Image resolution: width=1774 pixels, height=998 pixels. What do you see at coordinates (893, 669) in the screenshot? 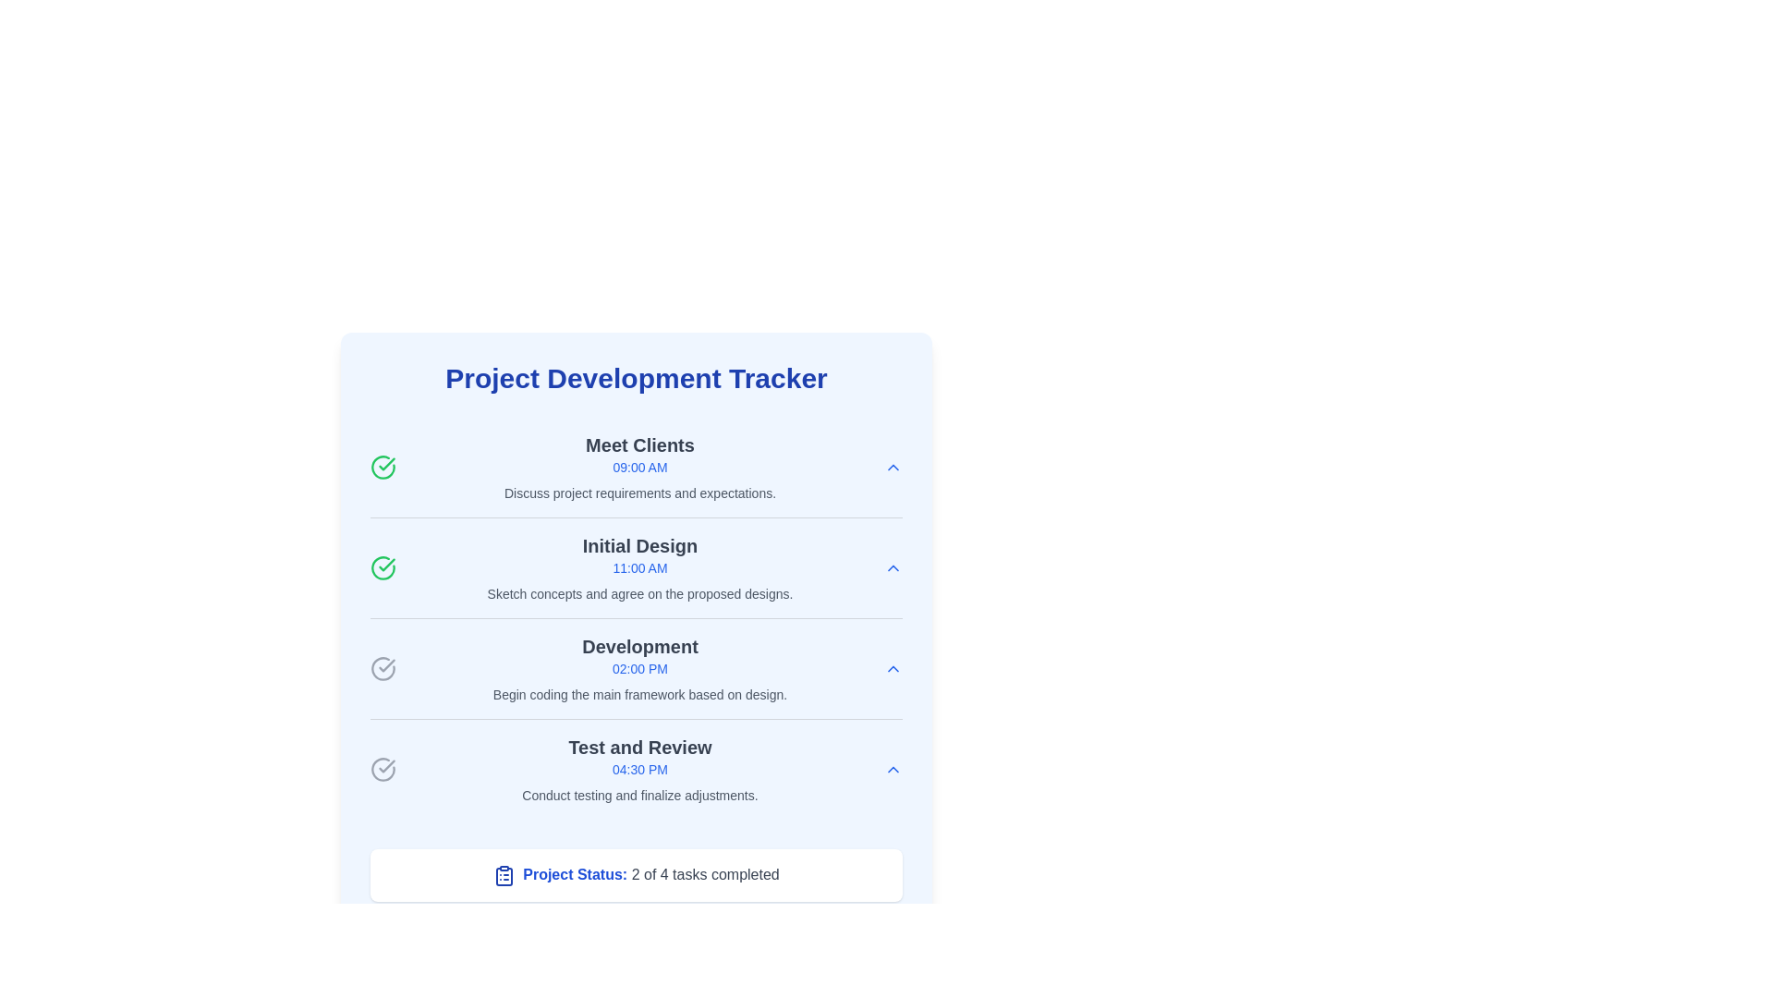
I see `the toggle icon button located at the top-right of the description text 'Begin coding the main framework based on design.'` at bounding box center [893, 669].